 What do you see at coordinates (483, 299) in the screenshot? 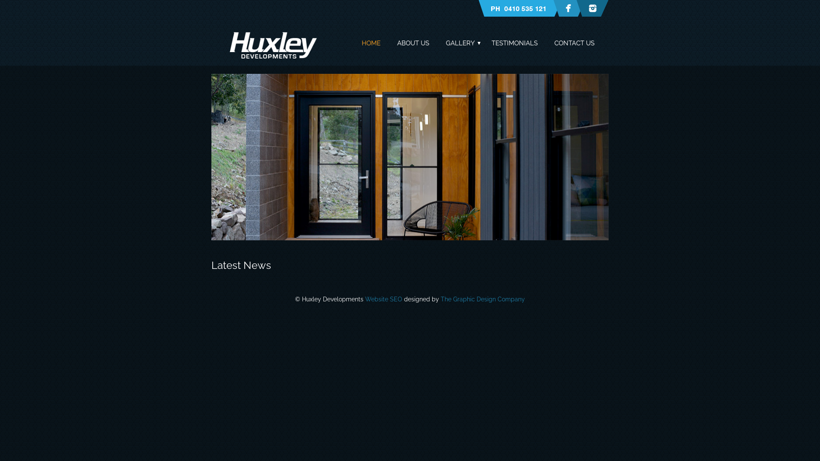
I see `'The Graphic Design Company'` at bounding box center [483, 299].